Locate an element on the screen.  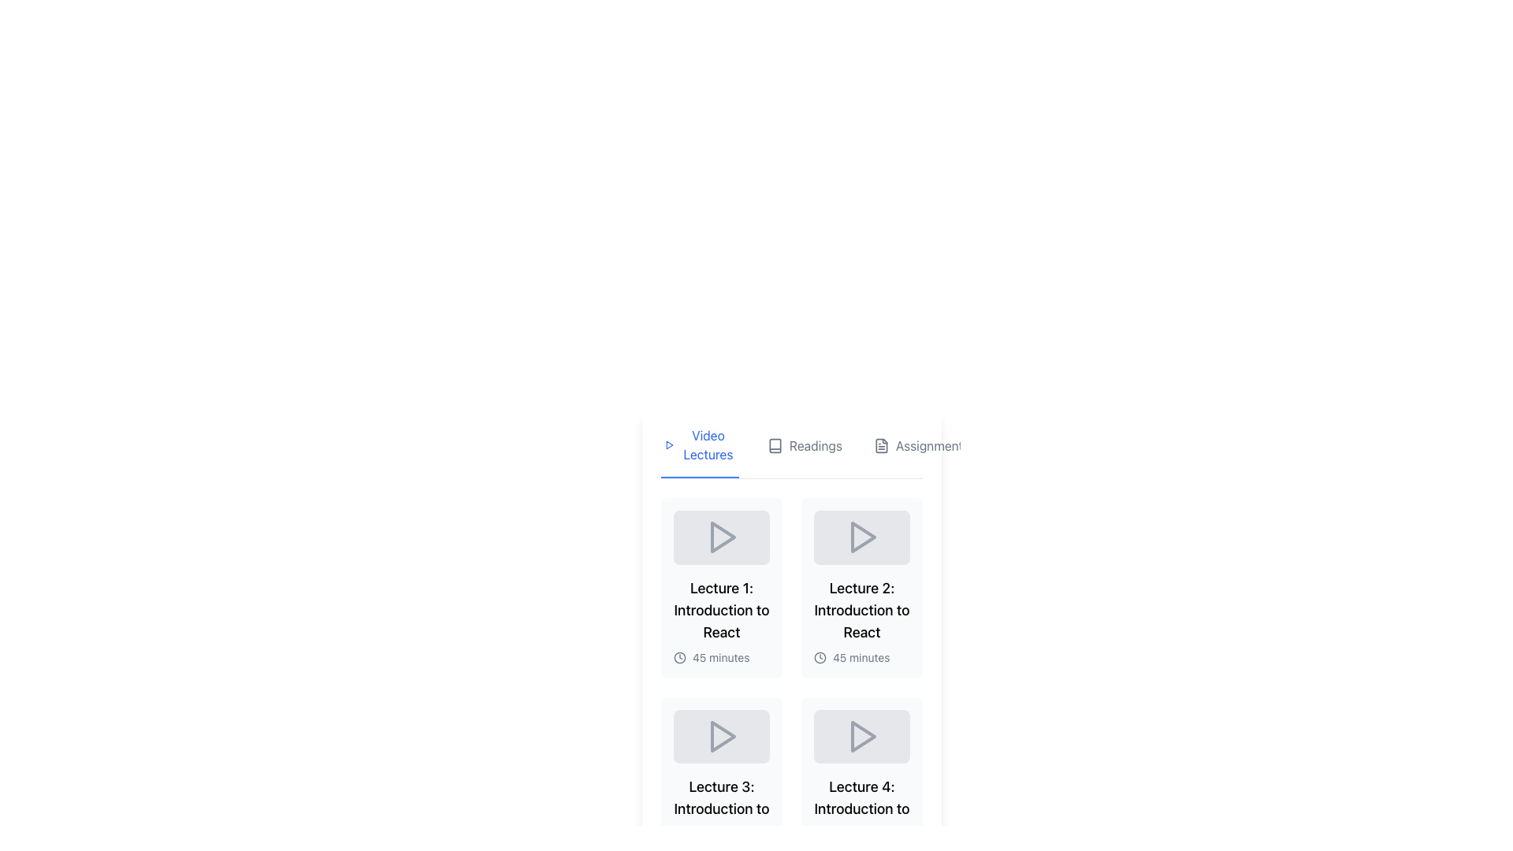
the clickable navigation link element that directs to the assignments section is located at coordinates (921, 452).